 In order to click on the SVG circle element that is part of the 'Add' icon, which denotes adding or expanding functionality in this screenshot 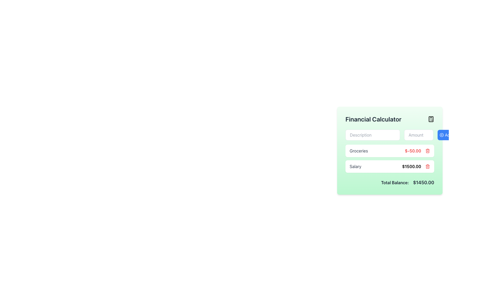, I will do `click(442, 135)`.